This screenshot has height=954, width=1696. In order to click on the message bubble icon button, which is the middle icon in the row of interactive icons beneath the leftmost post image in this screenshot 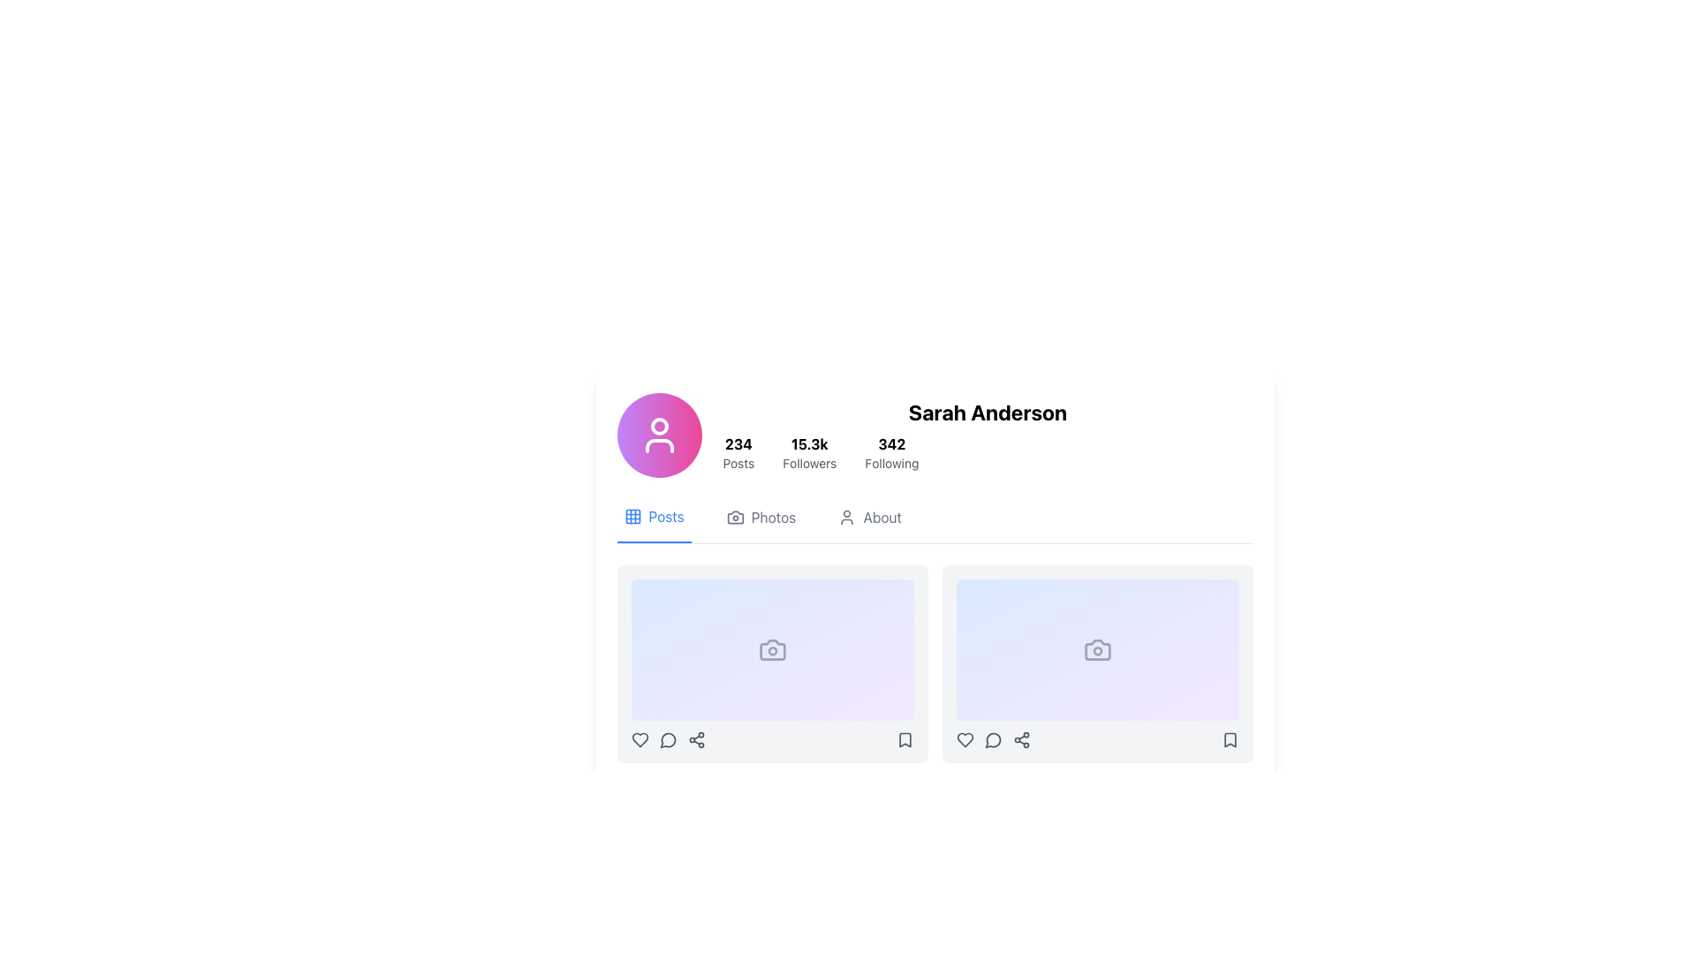, I will do `click(667, 739)`.